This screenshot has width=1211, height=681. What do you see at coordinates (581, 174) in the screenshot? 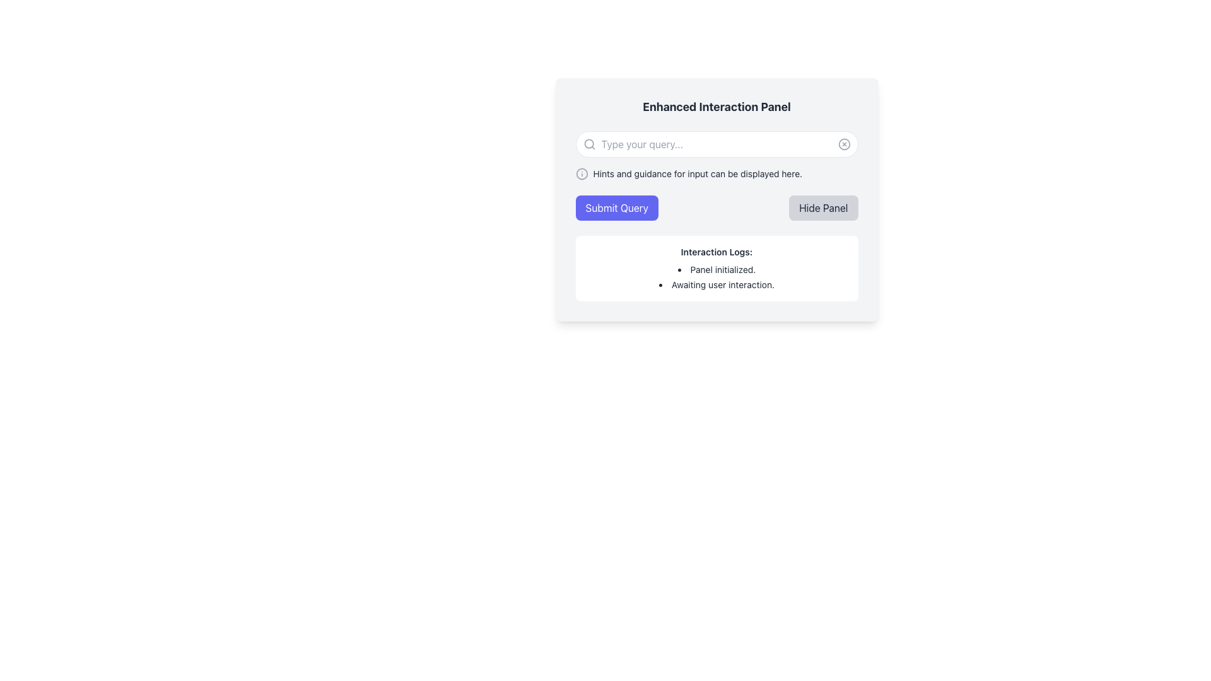
I see `the circular information icon with an outlined design, featuring a centered 'i' symbol` at bounding box center [581, 174].